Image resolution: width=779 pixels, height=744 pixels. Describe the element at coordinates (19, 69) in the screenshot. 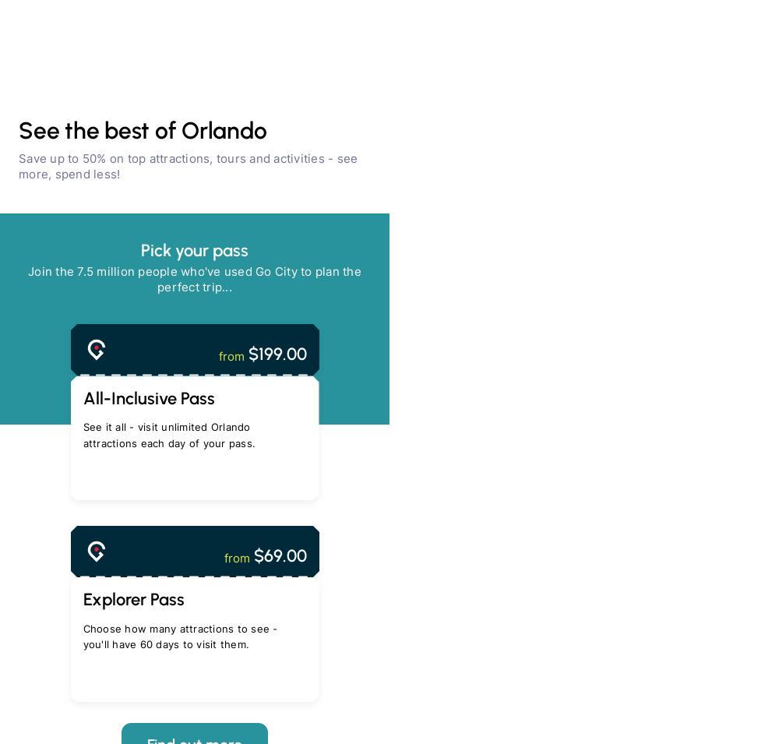

I see `'Save 10% with code OCTOBER10 - ends October 29'` at that location.